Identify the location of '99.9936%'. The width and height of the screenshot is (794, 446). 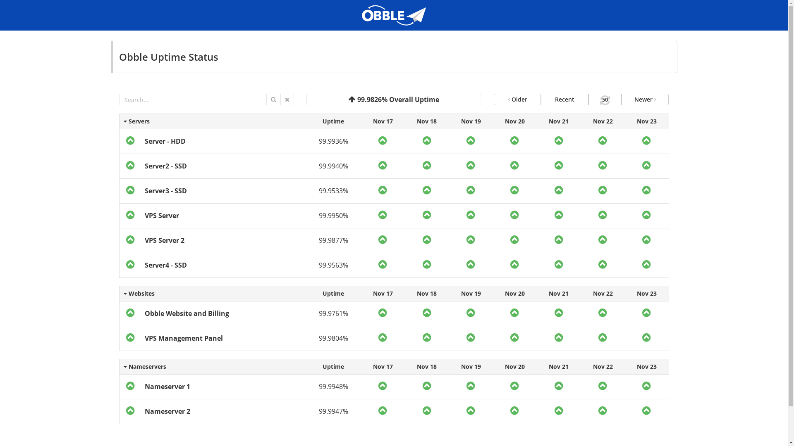
(333, 141).